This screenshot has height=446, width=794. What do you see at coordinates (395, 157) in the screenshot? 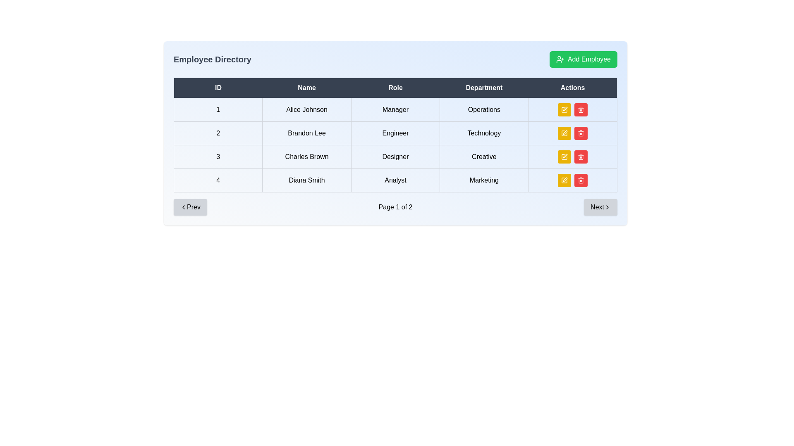
I see `the static text display field showing the job title 'Designer' assigned to Charles Brown in the third row of the table under the 'Role' column` at bounding box center [395, 157].